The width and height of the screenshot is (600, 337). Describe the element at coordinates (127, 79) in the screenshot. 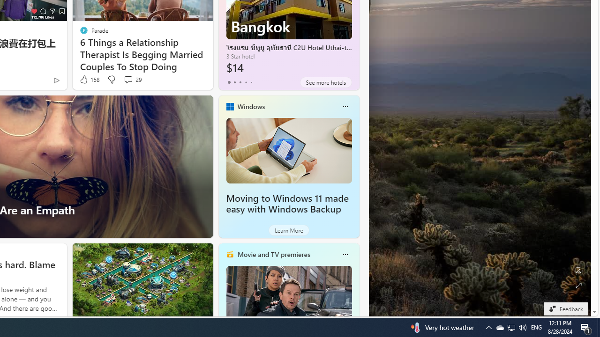

I see `'View comments 29 Comment'` at that location.